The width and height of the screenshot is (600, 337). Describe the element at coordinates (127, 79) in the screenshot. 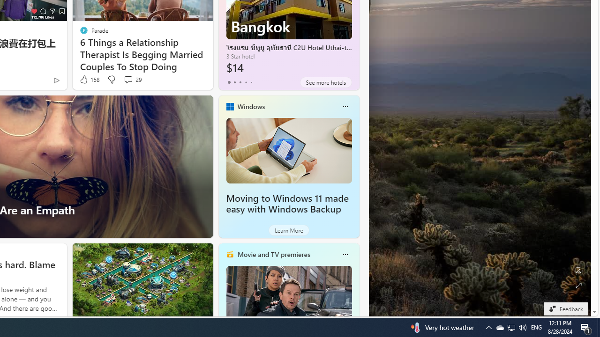

I see `'View comments 29 Comment'` at that location.